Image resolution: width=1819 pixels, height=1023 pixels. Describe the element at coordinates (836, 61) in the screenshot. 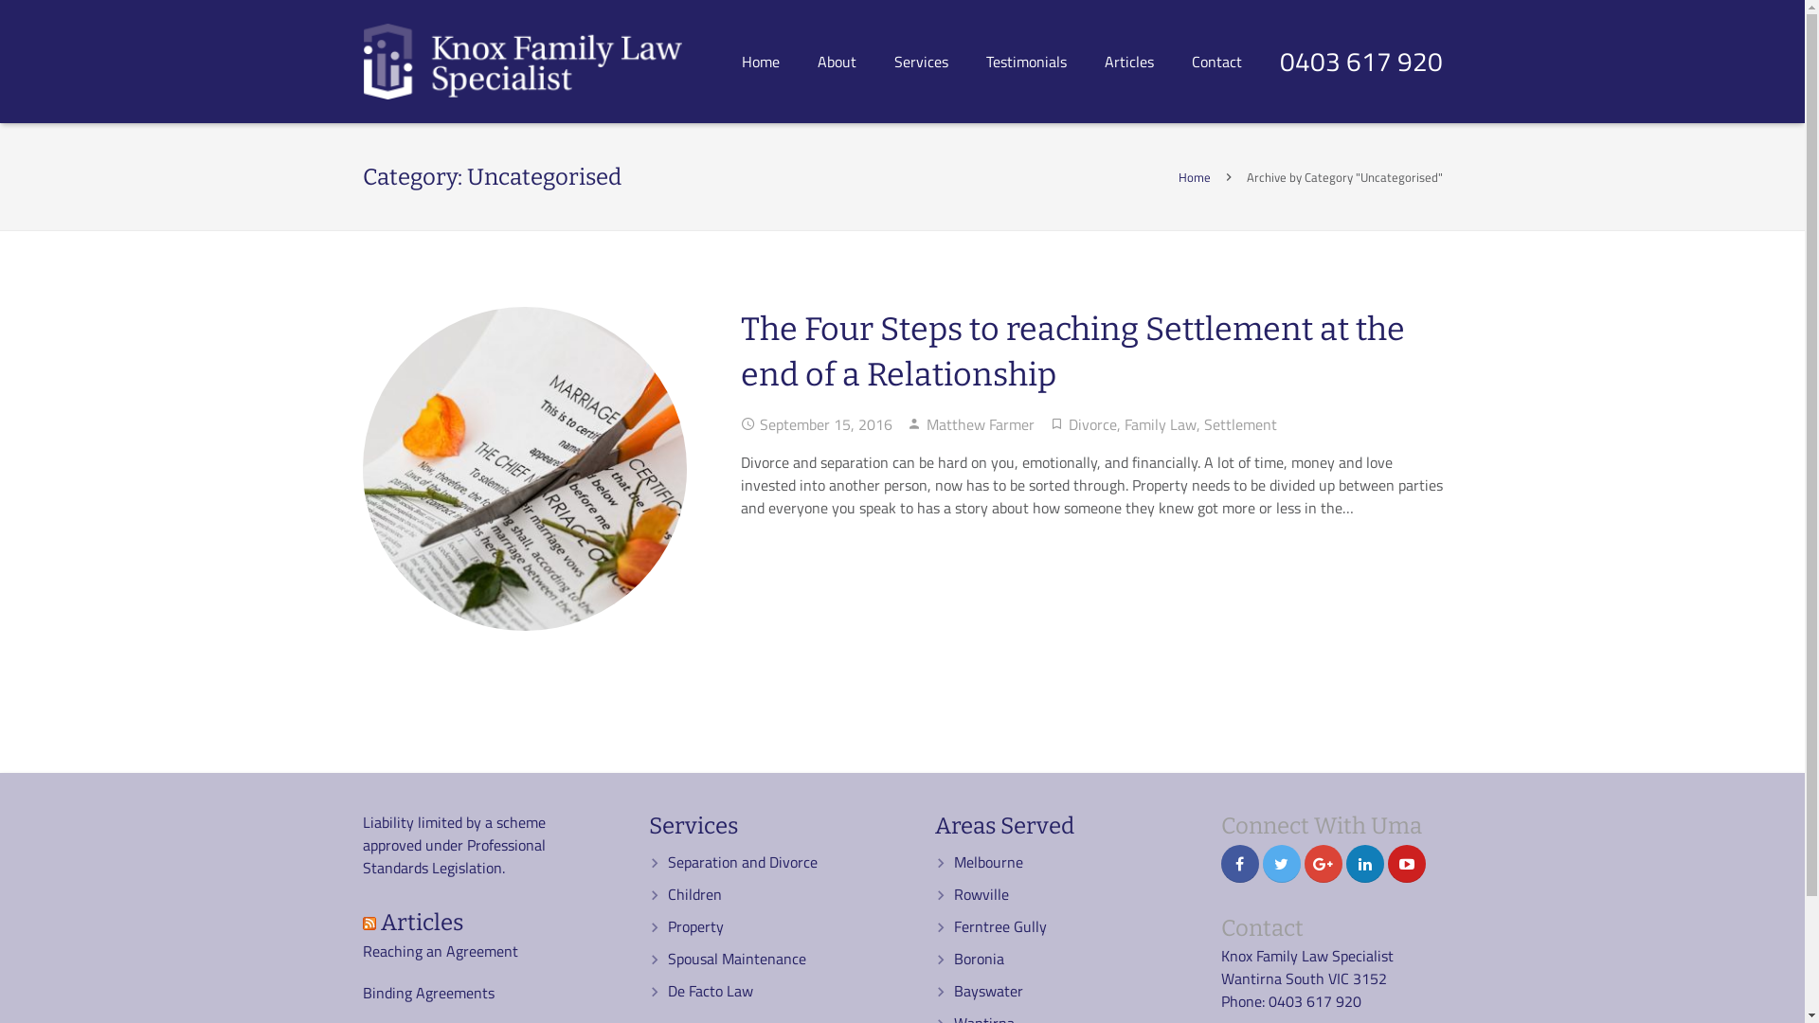

I see `'About'` at that location.